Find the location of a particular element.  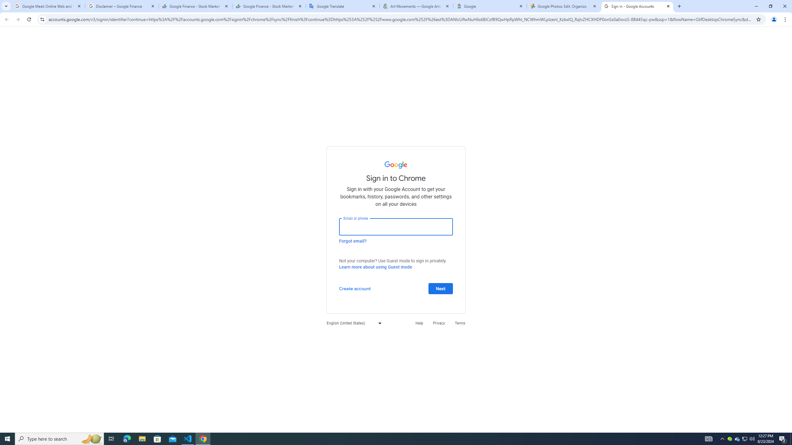

'Sign in - Google Accounts' is located at coordinates (637, 6).